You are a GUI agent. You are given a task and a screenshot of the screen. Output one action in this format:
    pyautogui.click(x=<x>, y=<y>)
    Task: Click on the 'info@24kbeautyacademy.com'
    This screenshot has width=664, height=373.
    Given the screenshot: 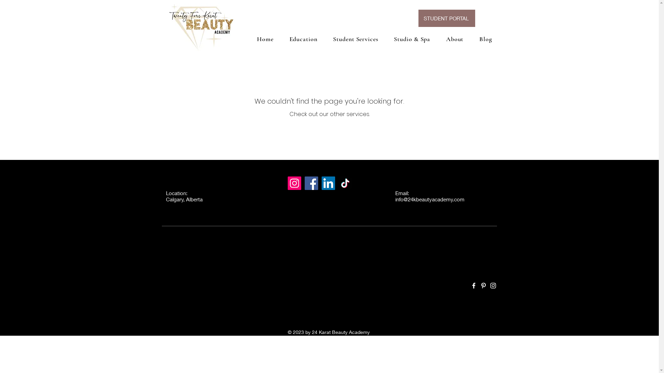 What is the action you would take?
    pyautogui.click(x=429, y=199)
    